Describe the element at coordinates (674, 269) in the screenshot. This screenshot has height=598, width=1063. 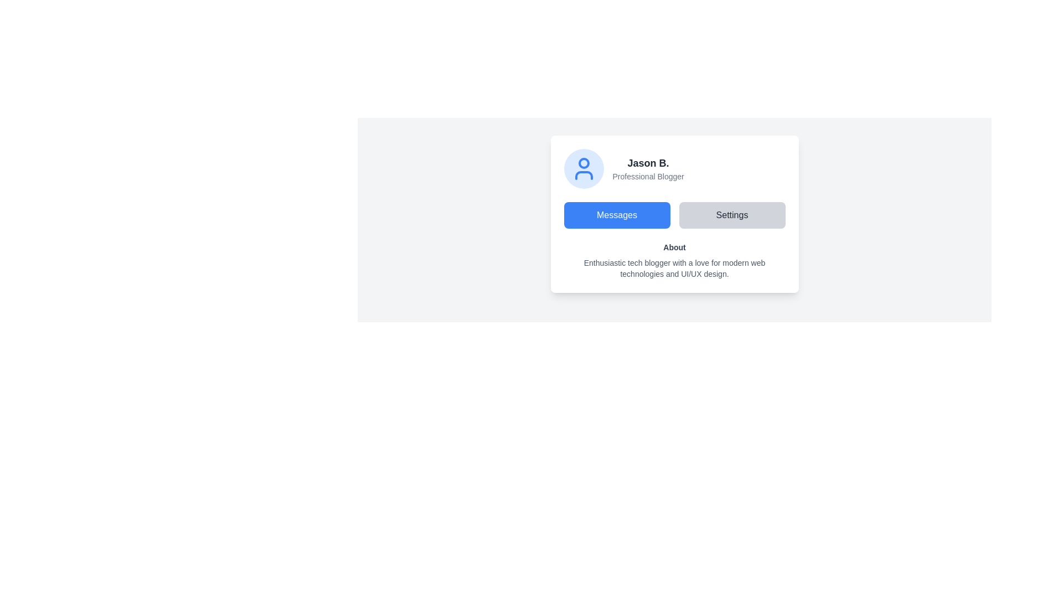
I see `text block that displays: 'Enthusiastic tech blogger with a love for modern web technologies and UI/UX design.' This block is styled in a smaller gray font and is located beneath the 'About' title in the profile section` at that location.